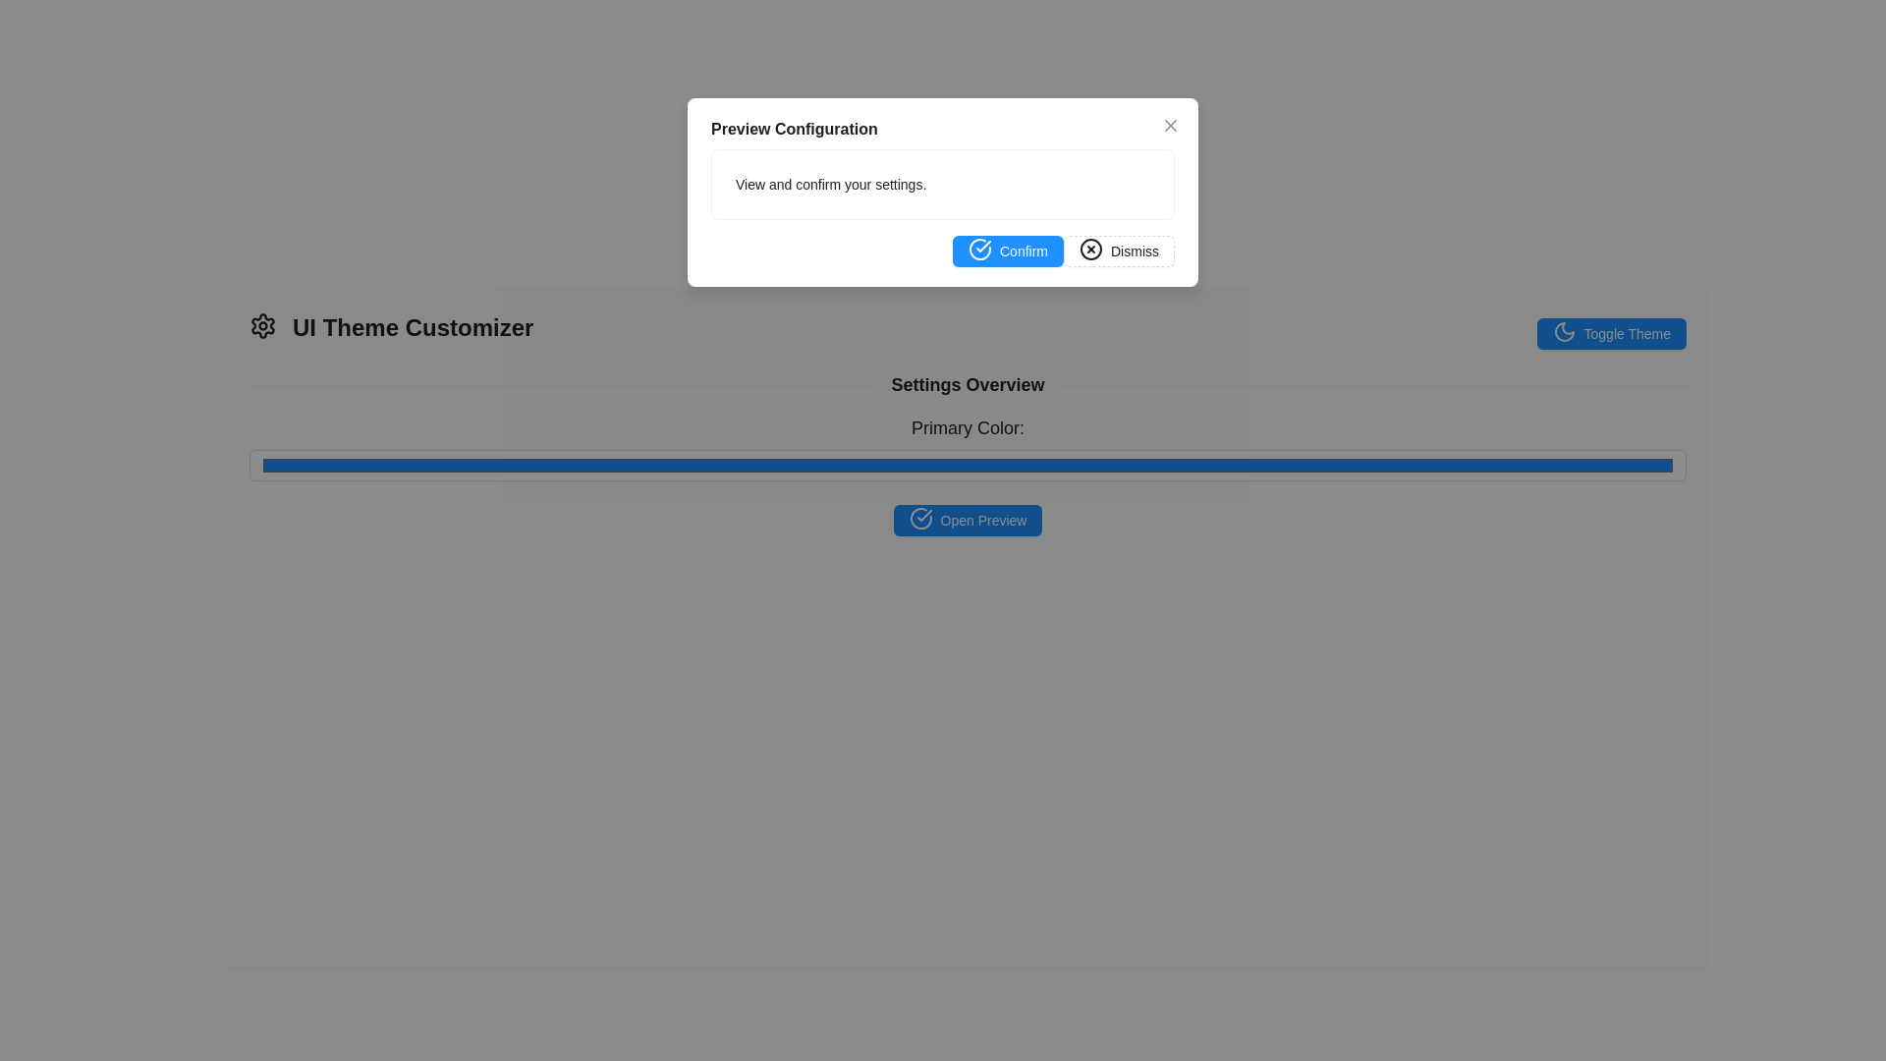  What do you see at coordinates (1563, 330) in the screenshot?
I see `the crescent moon icon located within the 'Toggle Theme' button at the top-right corner of the interface` at bounding box center [1563, 330].